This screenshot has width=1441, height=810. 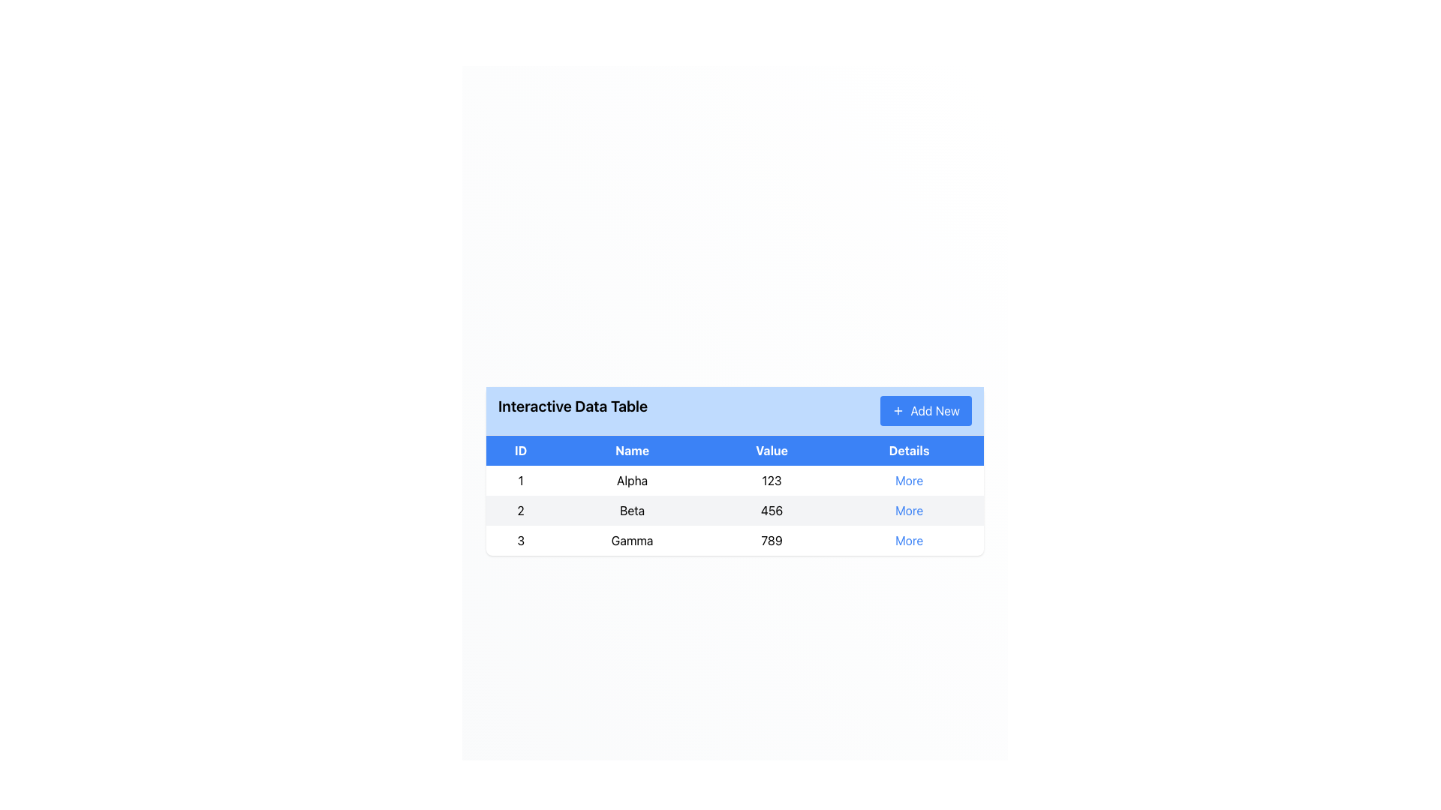 I want to click on the text link styled as 'More' in the 'Details' column of the third row in the table, so click(x=908, y=540).